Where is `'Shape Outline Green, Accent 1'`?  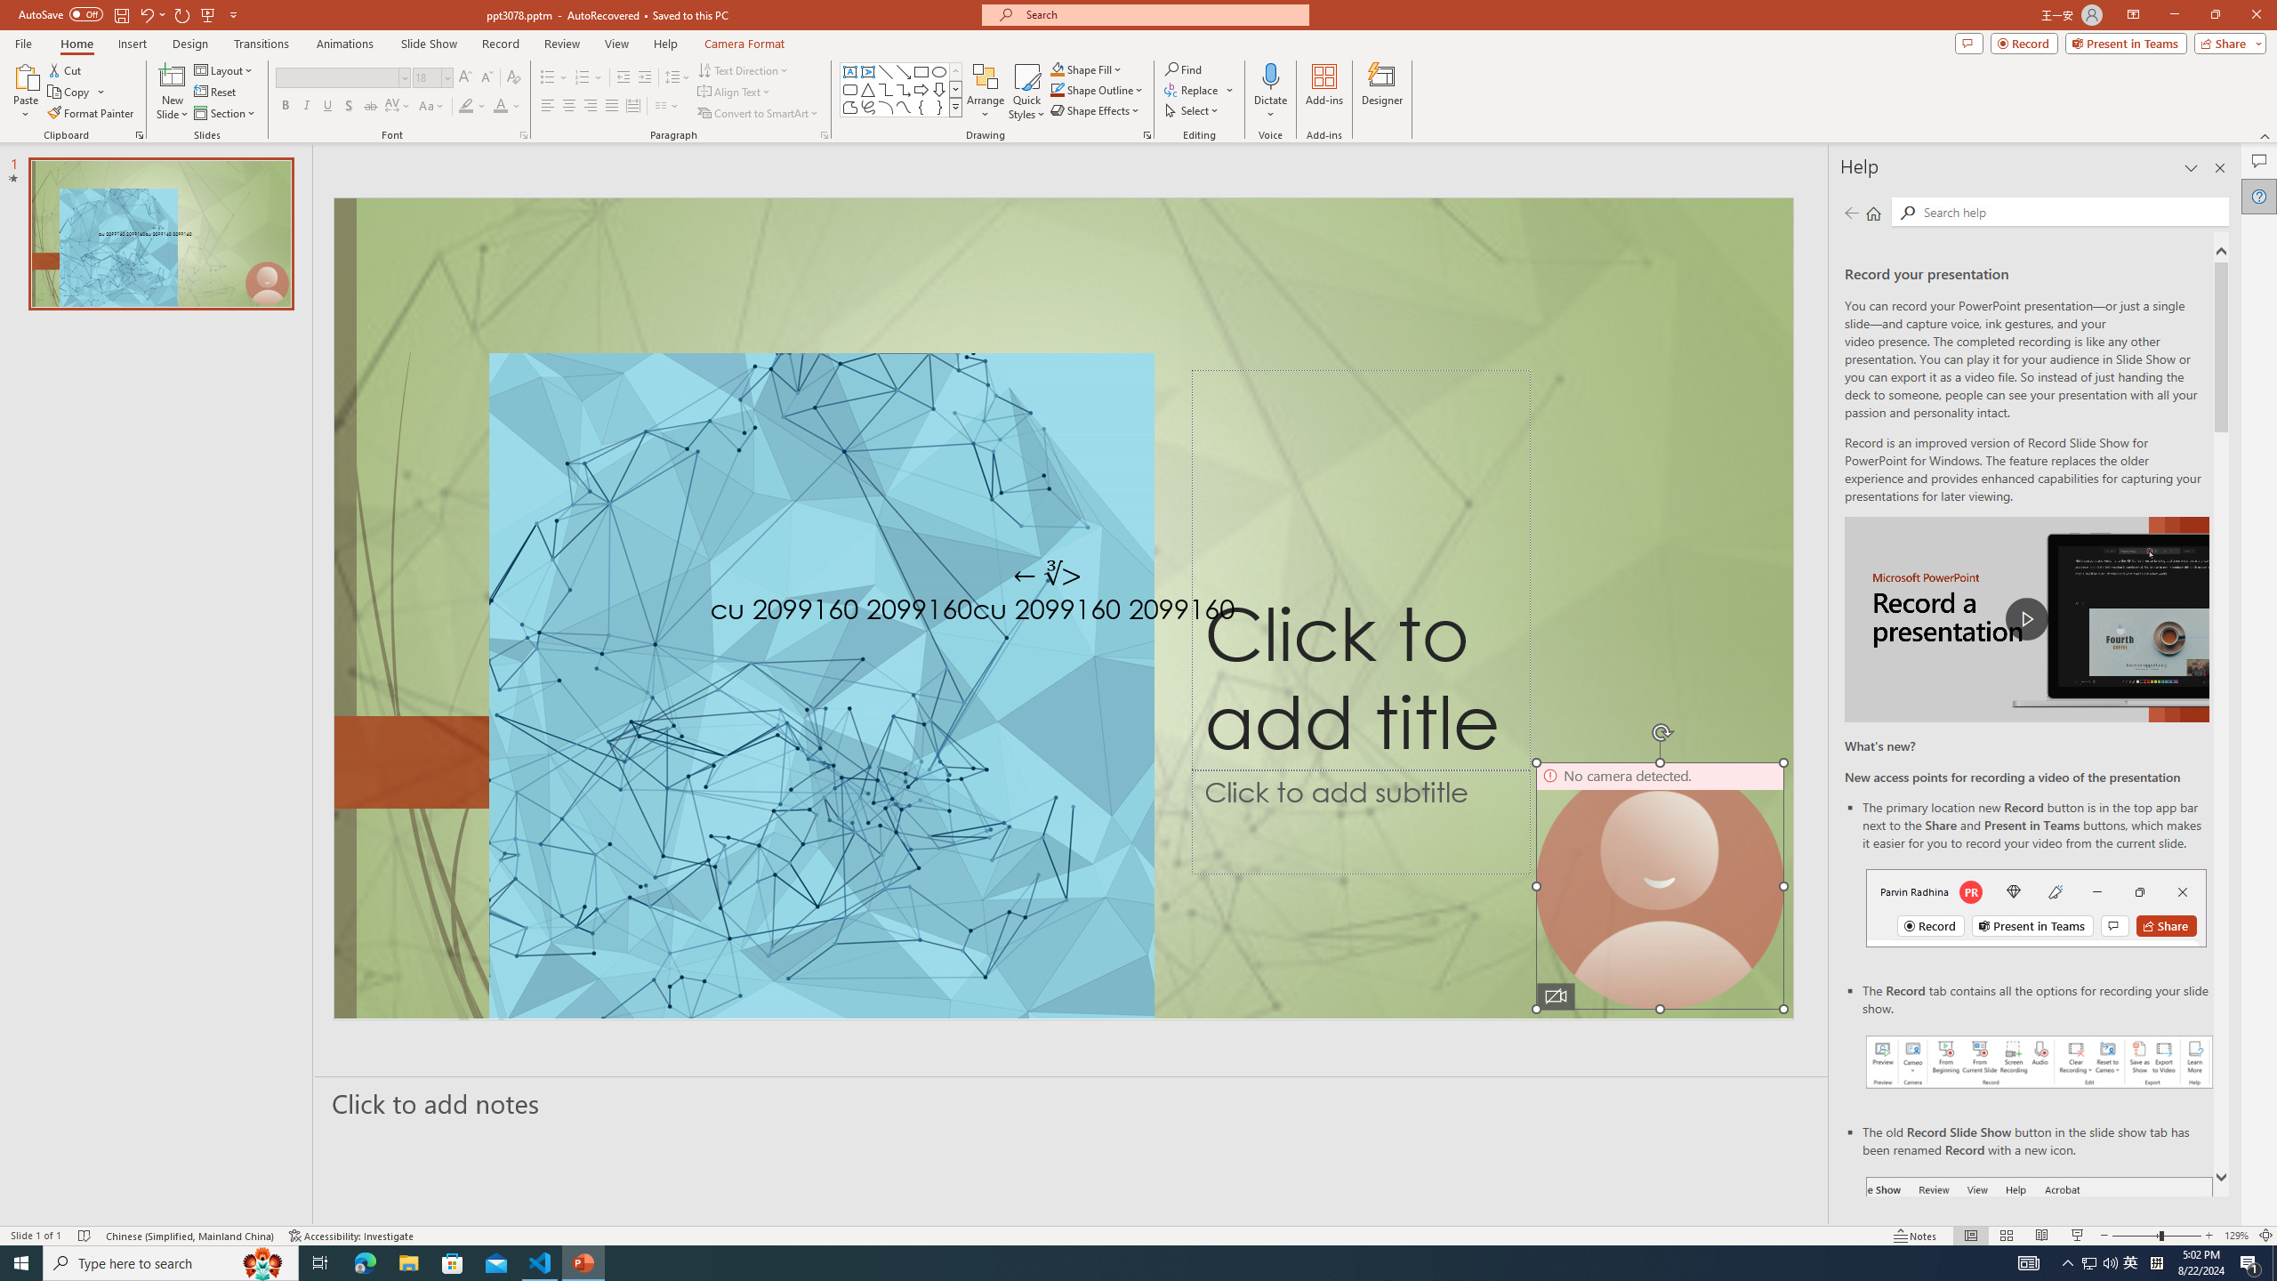 'Shape Outline Green, Accent 1' is located at coordinates (1058, 88).